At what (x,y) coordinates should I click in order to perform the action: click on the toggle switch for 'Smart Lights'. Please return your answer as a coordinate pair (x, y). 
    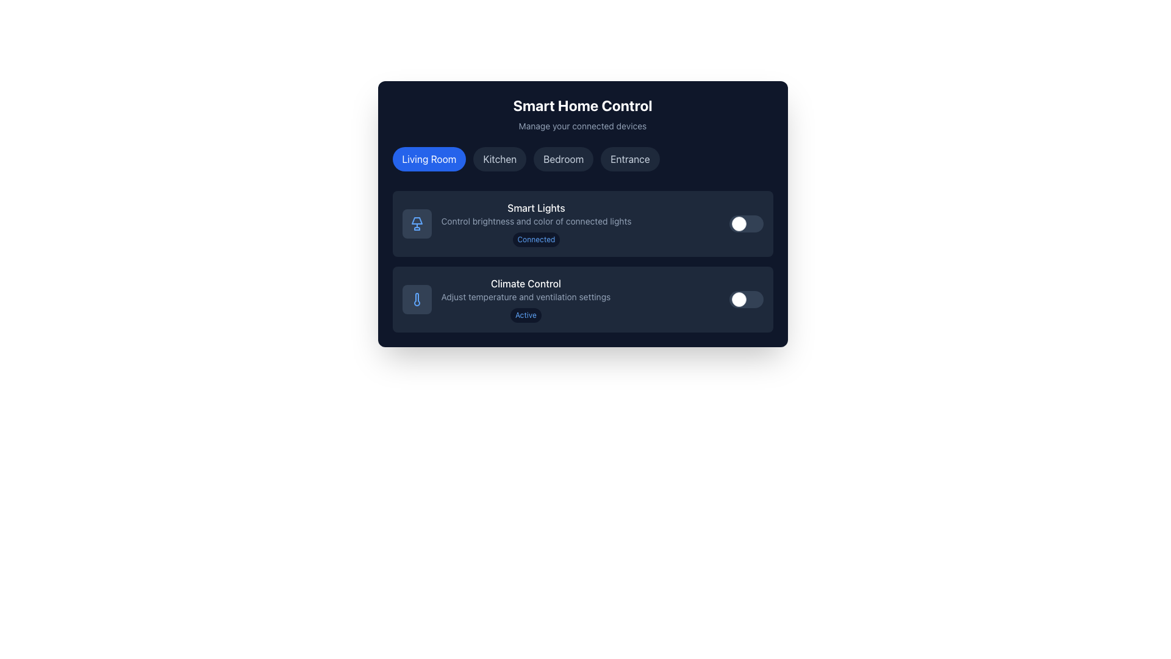
    Looking at the image, I should click on (745, 223).